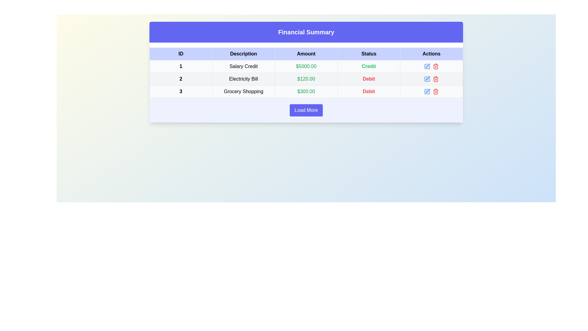 This screenshot has width=588, height=331. What do you see at coordinates (431, 92) in the screenshot?
I see `the delete icon in the 'Actions' column of the last row of the table under the title 'Financial Summary'` at bounding box center [431, 92].